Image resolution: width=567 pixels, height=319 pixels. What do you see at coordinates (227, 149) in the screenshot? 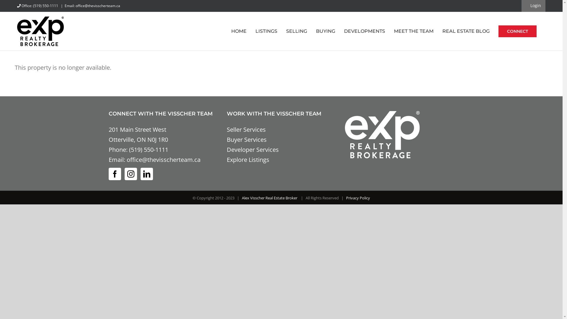
I see `'Developer Services'` at bounding box center [227, 149].